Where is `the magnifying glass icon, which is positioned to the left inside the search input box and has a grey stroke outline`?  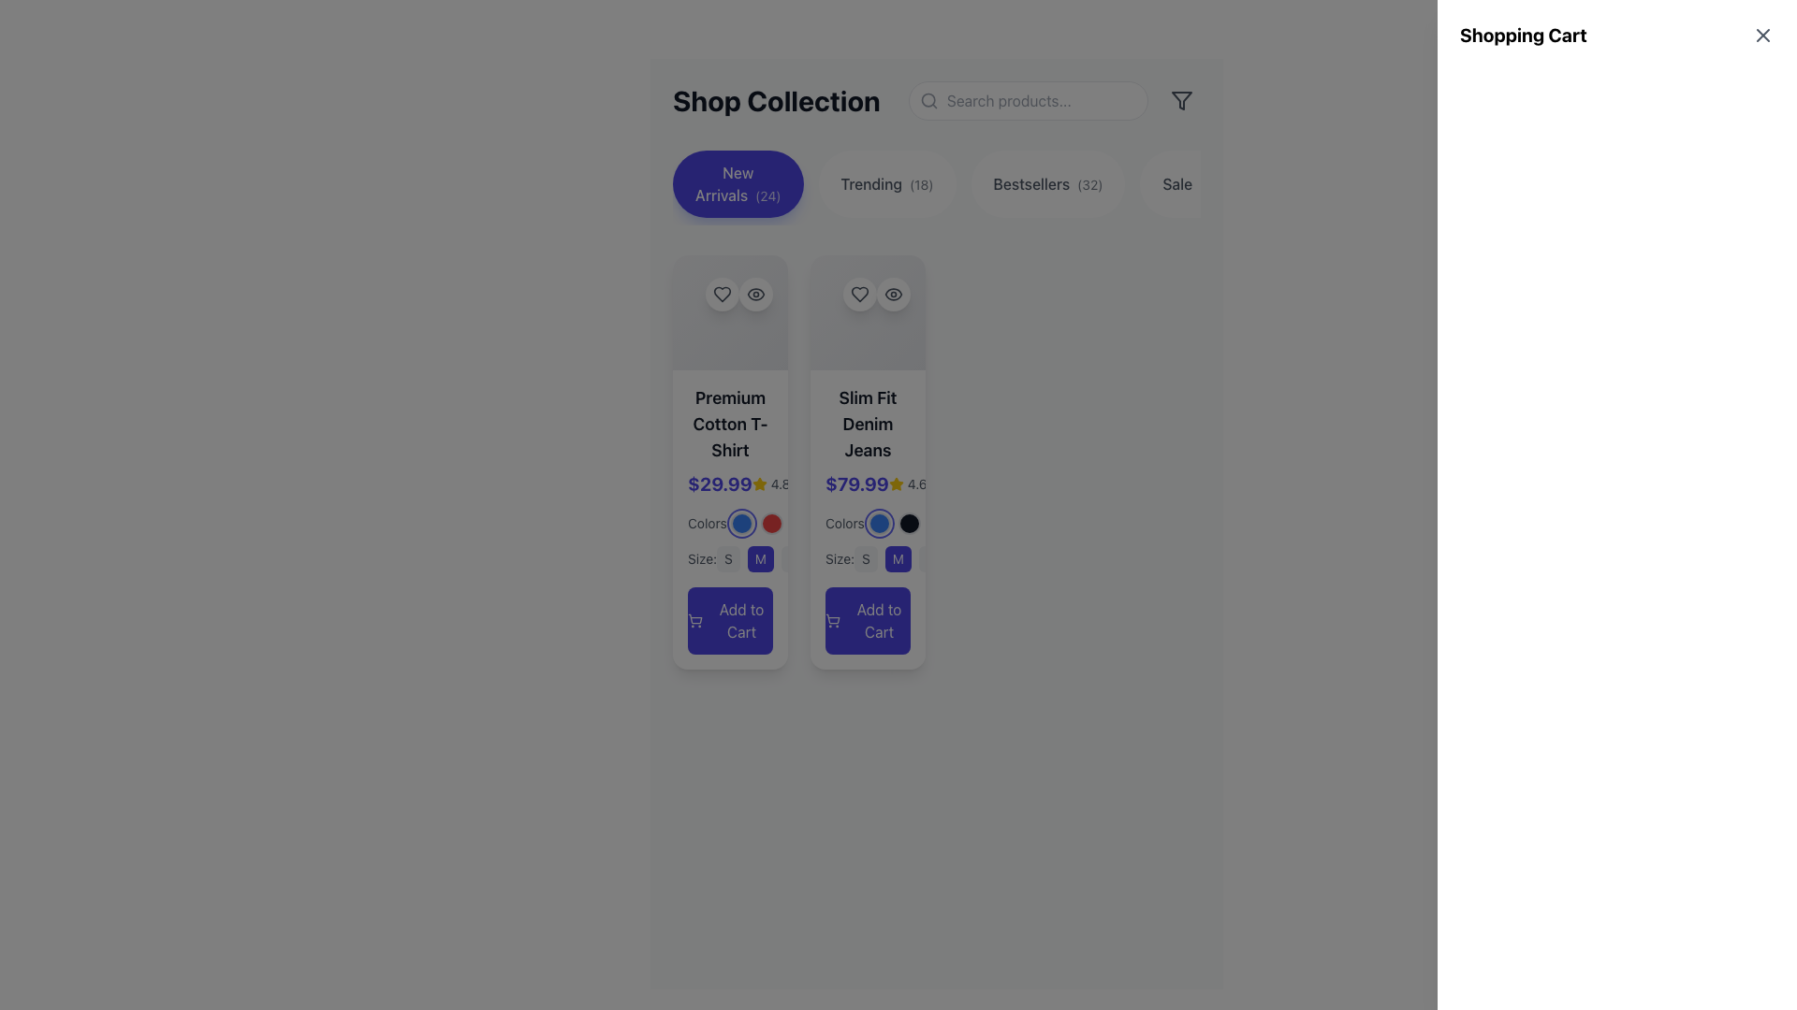 the magnifying glass icon, which is positioned to the left inside the search input box and has a grey stroke outline is located at coordinates (929, 101).